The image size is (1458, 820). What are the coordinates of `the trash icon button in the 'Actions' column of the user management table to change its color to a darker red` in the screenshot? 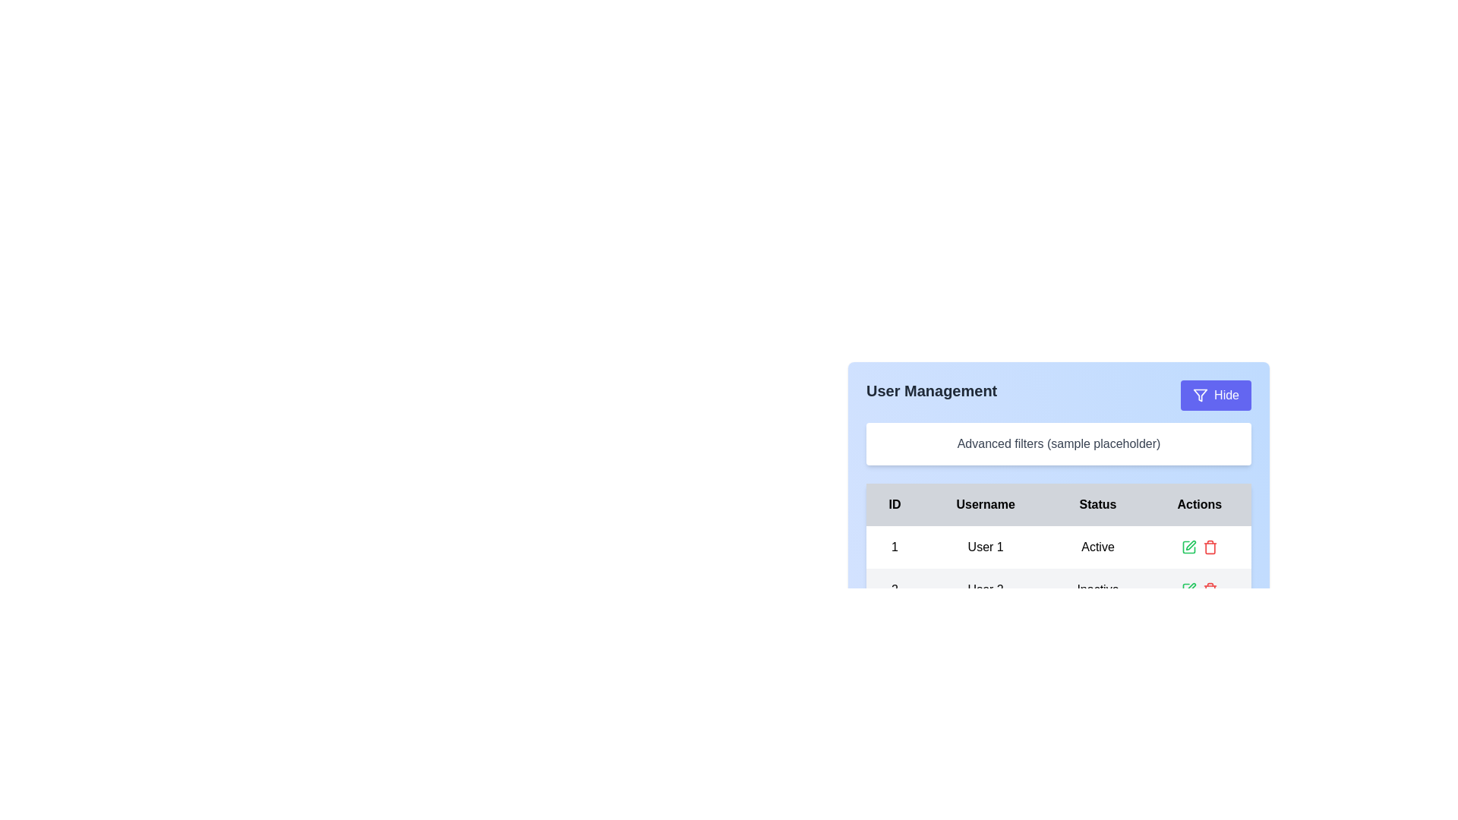 It's located at (1209, 588).